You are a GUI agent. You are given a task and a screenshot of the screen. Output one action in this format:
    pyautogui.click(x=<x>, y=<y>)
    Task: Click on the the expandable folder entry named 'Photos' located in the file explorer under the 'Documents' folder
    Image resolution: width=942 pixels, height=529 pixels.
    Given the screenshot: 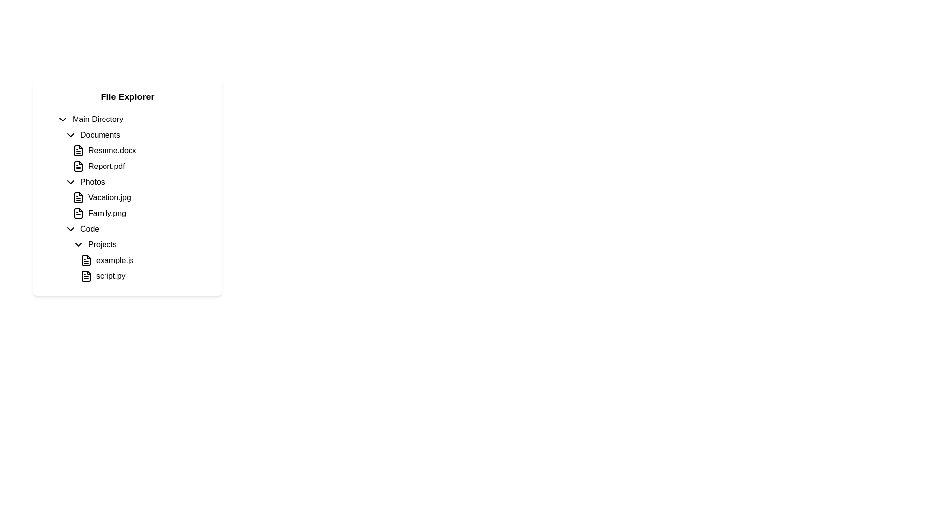 What is the action you would take?
    pyautogui.click(x=134, y=182)
    